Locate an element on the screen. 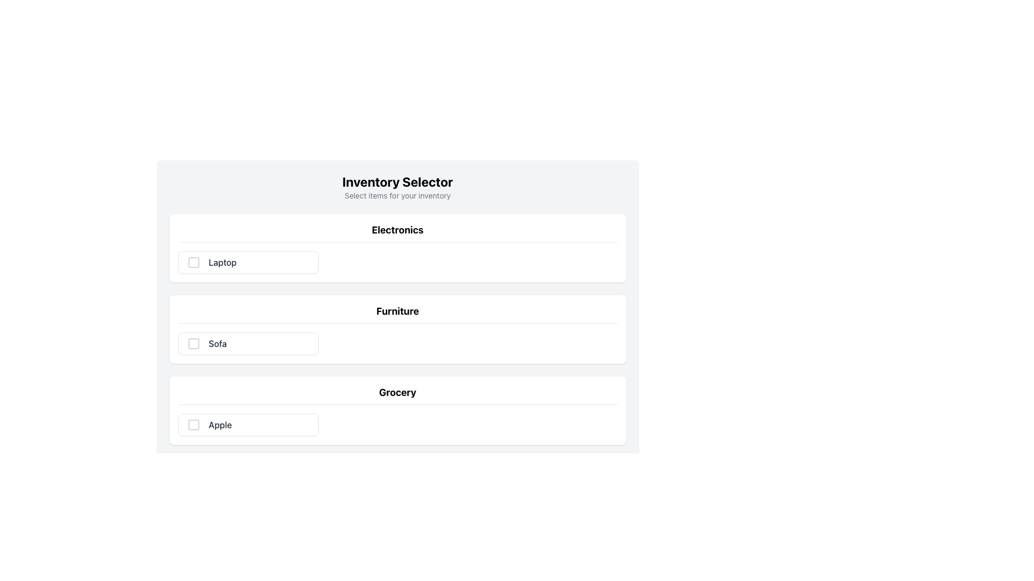 Image resolution: width=1034 pixels, height=581 pixels. the 'Laptop' checkbox button in the 'Electronics' section to observe any hover effects is located at coordinates (248, 263).